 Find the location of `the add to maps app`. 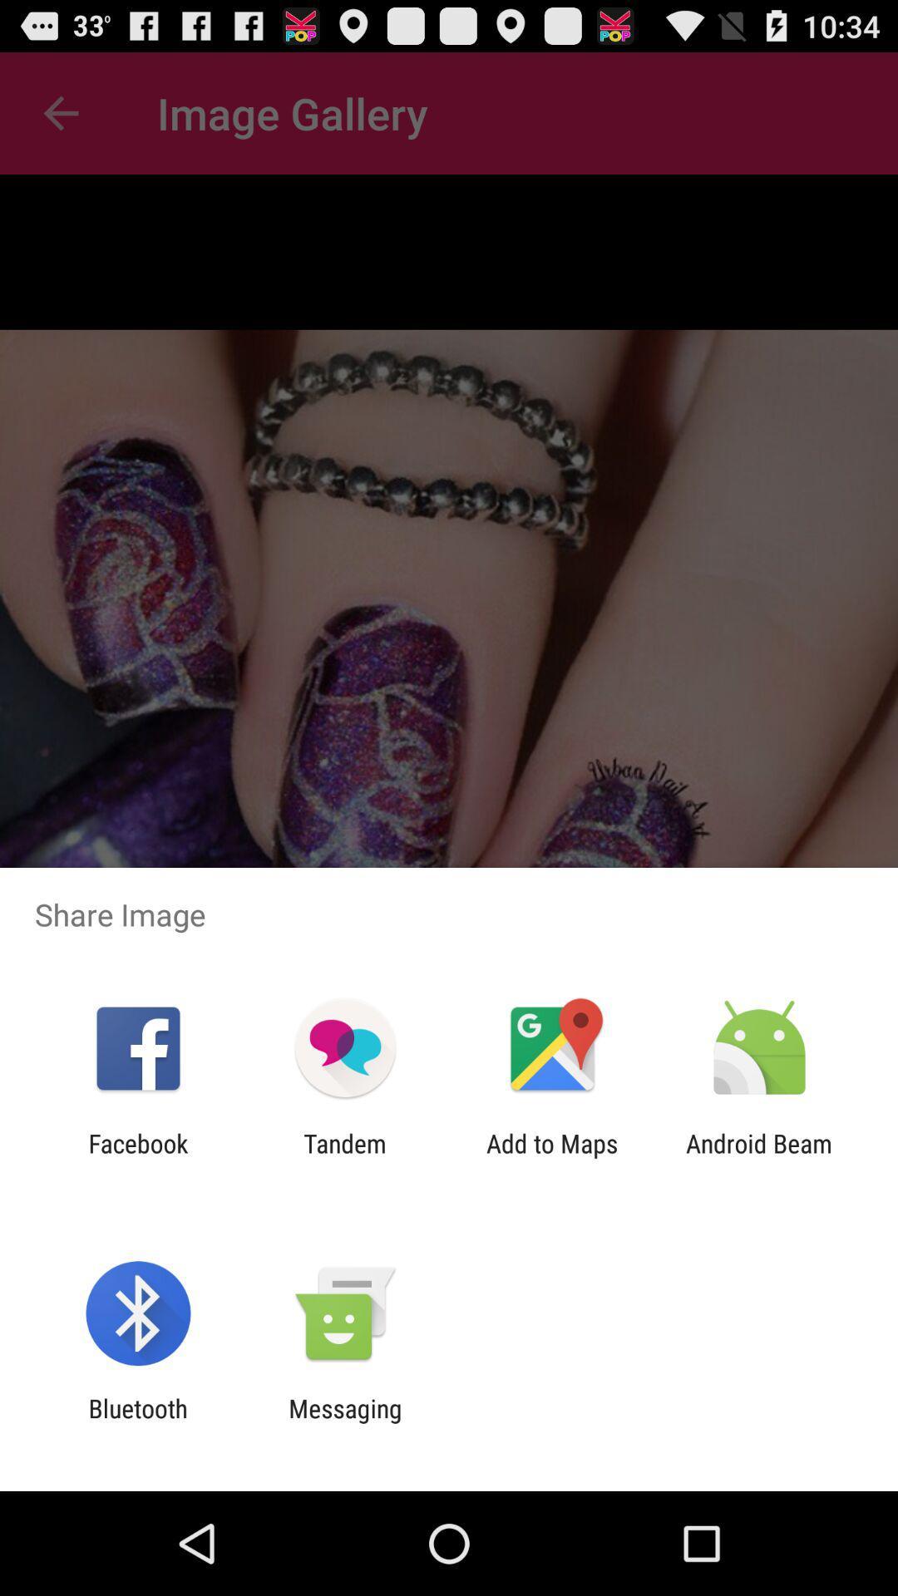

the add to maps app is located at coordinates (552, 1157).